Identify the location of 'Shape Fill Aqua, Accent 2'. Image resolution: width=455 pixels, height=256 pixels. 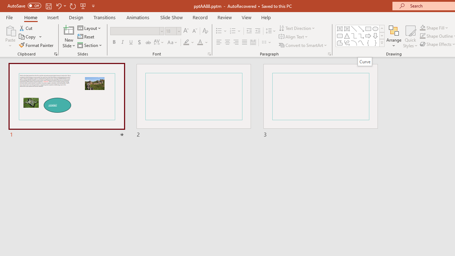
(423, 27).